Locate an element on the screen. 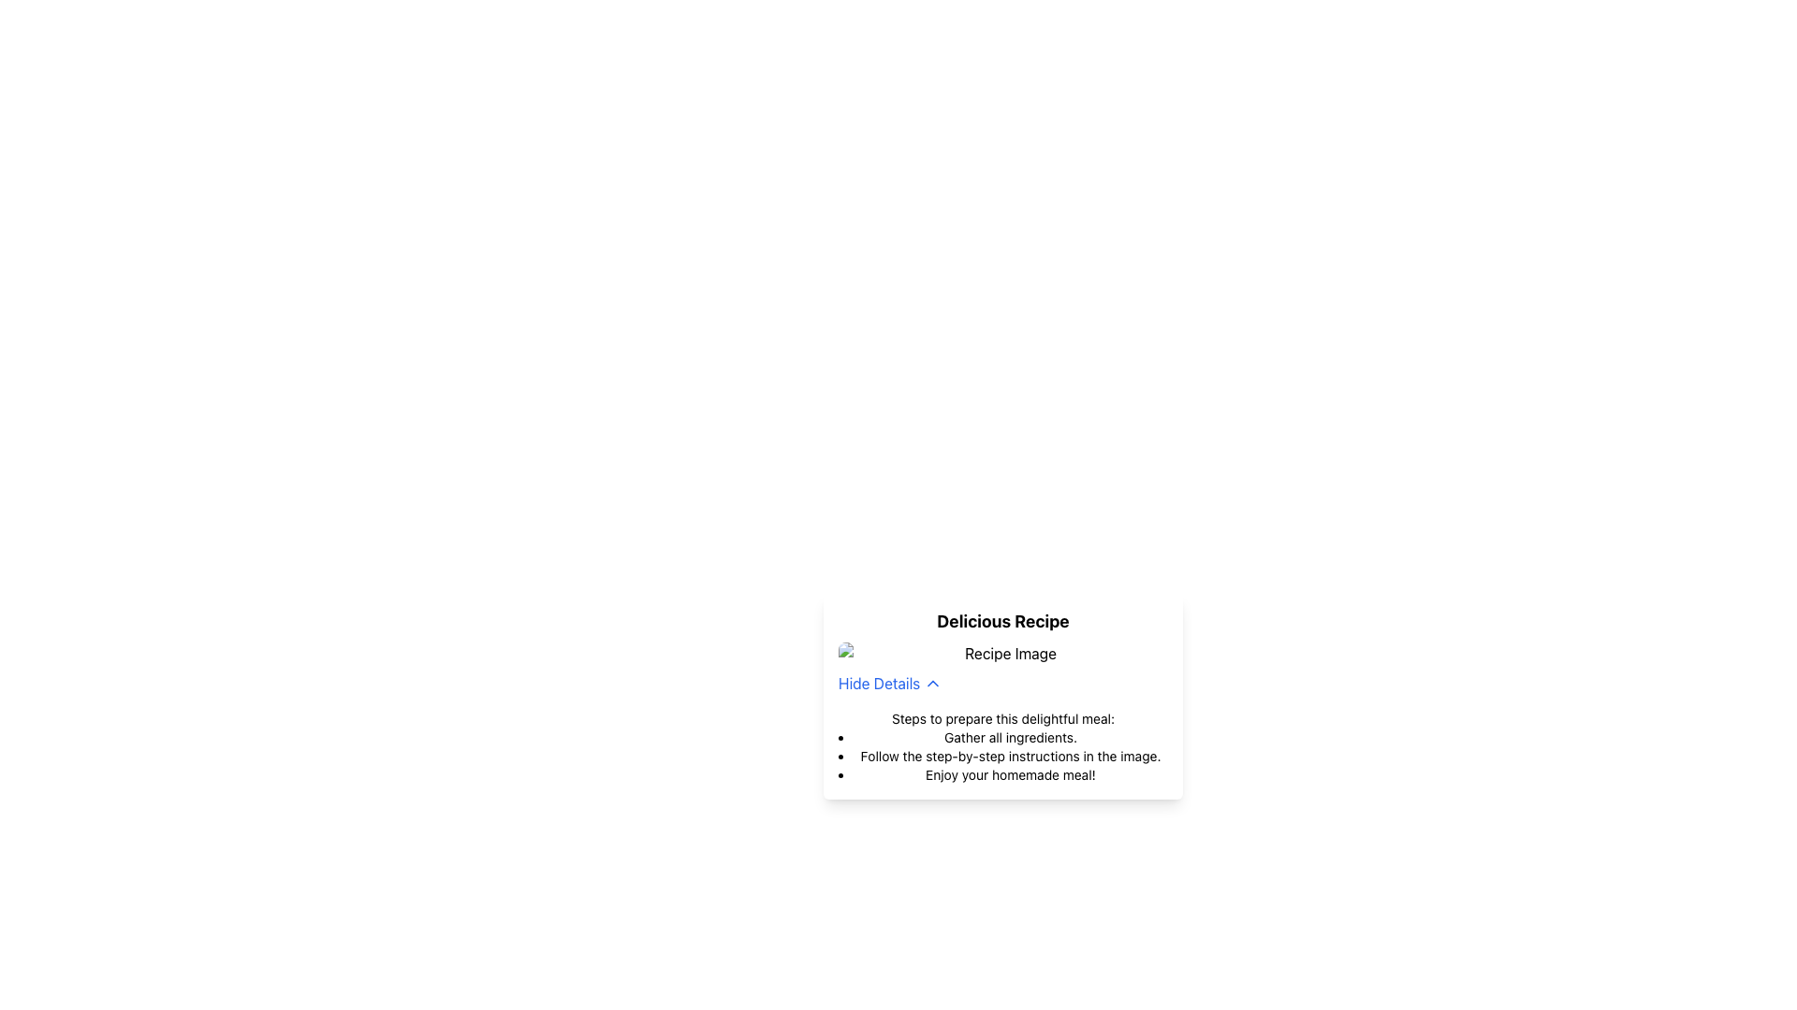  the text element that reads 'Follow the step-by-step instructions in the image.' which is the second item in a three-point bulleted list under the heading 'Steps to prepare this delightful meal.' is located at coordinates (1010, 756).